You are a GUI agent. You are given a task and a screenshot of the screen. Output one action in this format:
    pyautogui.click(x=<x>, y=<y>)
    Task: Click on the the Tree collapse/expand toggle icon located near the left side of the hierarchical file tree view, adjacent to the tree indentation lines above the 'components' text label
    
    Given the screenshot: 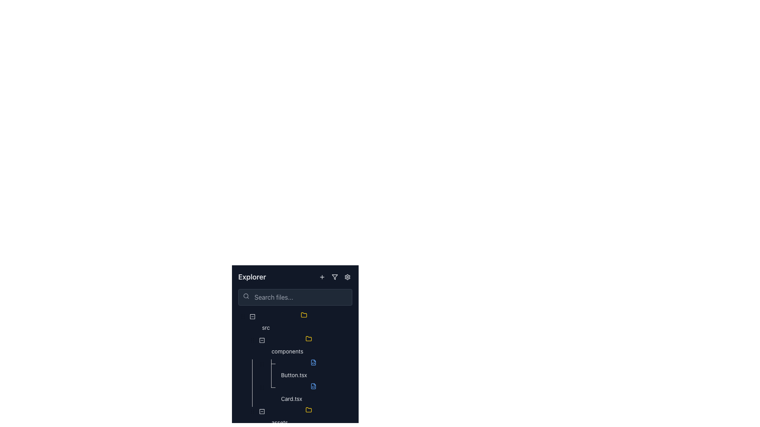 What is the action you would take?
    pyautogui.click(x=262, y=346)
    